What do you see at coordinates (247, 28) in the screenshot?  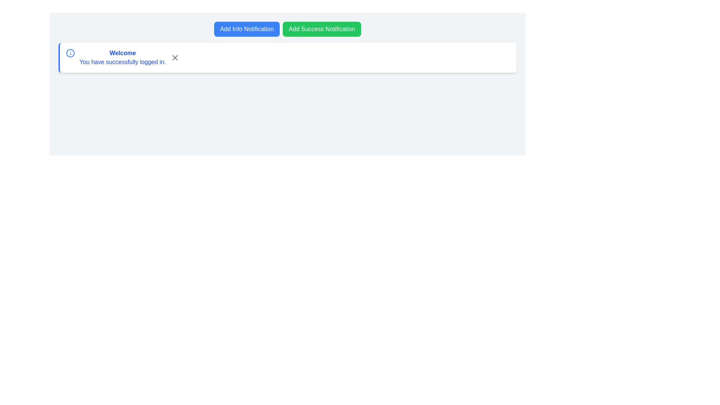 I see `the leftmost button with a blue background and white text that reads 'Add Info Notification'` at bounding box center [247, 28].